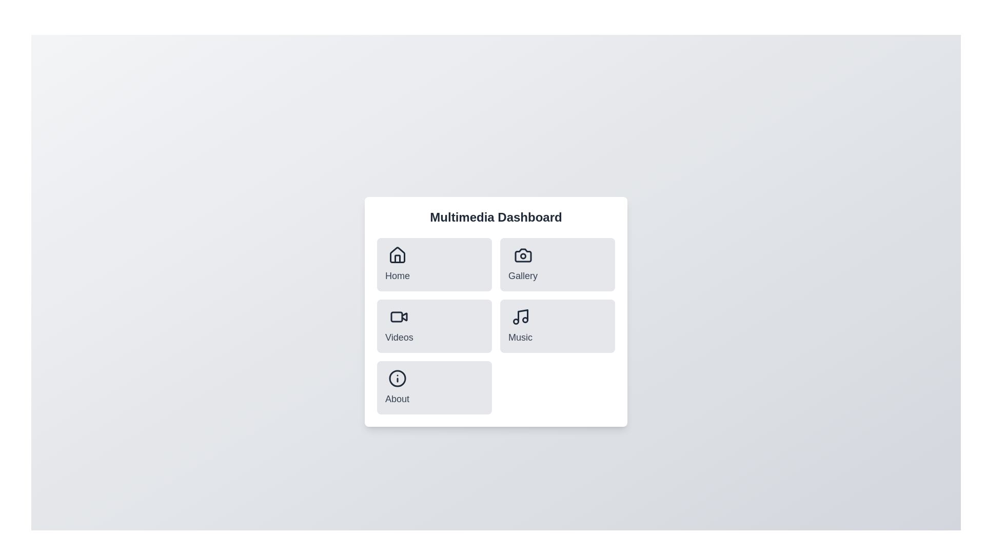  I want to click on the menu item corresponding to Videos, so click(398, 326).